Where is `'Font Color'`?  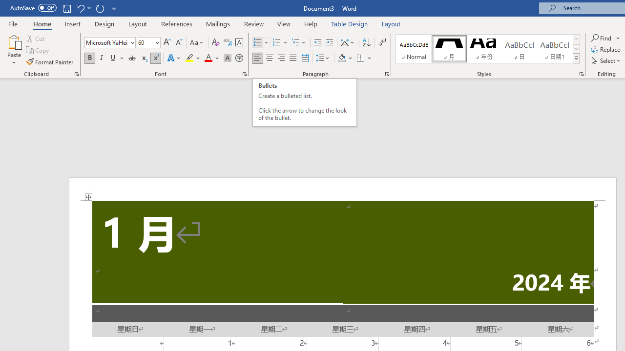 'Font Color' is located at coordinates (211, 58).